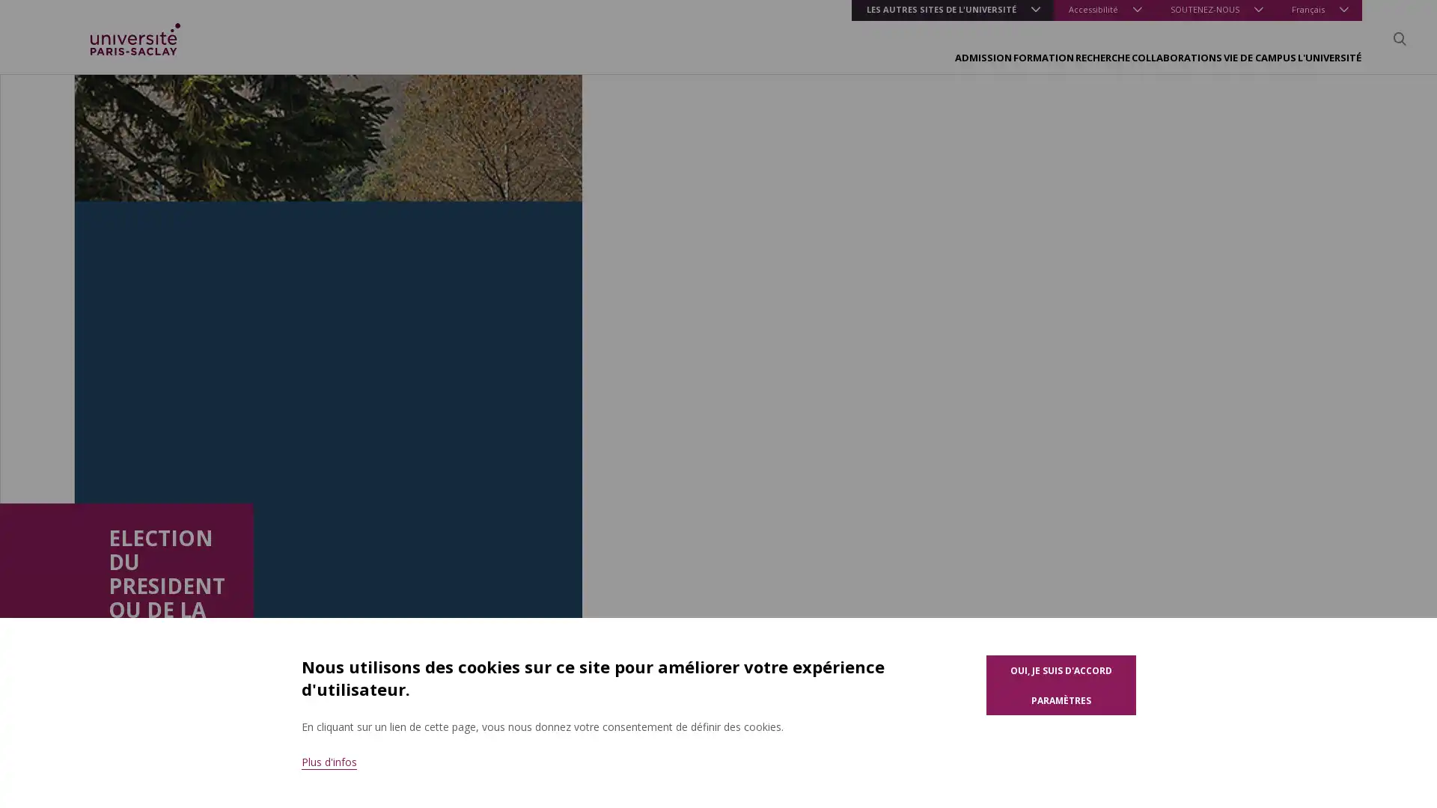  I want to click on VIE DE CAMPUS, so click(1194, 51).